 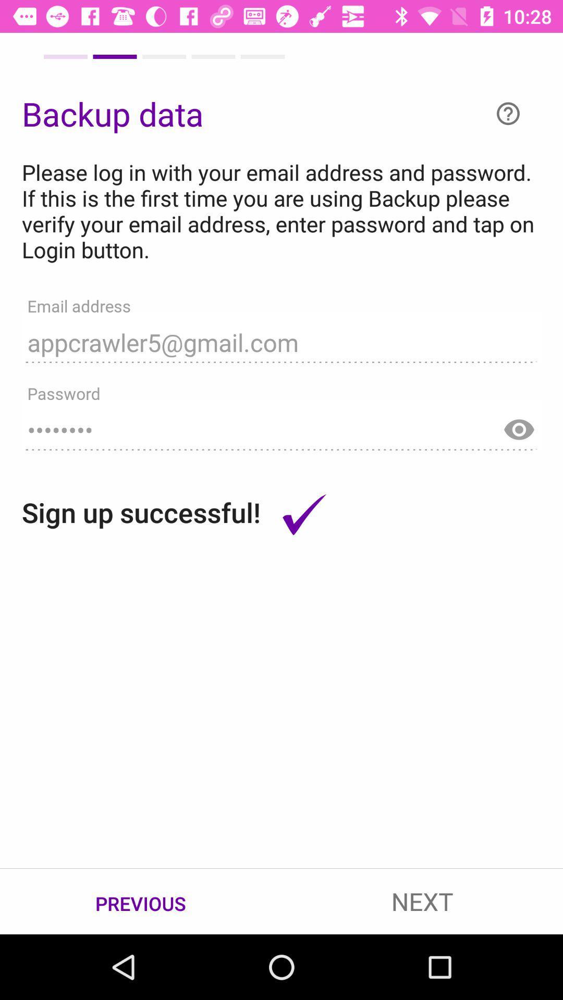 What do you see at coordinates (141, 902) in the screenshot?
I see `previous item` at bounding box center [141, 902].